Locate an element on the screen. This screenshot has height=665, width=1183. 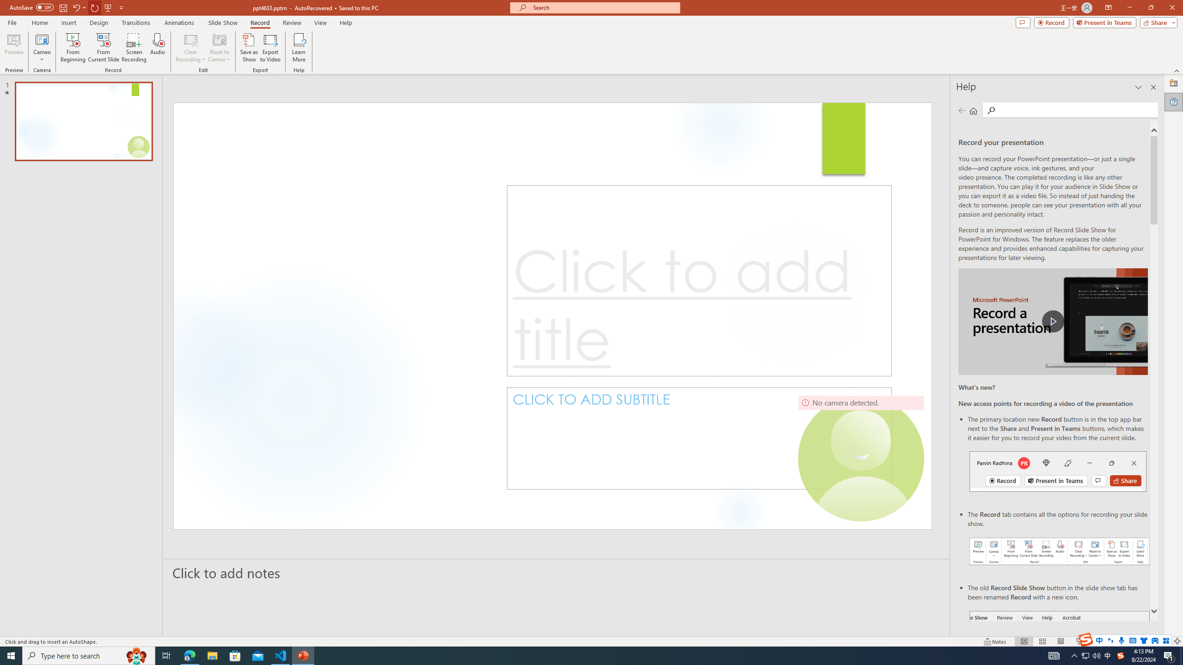
'Design' is located at coordinates (99, 23).